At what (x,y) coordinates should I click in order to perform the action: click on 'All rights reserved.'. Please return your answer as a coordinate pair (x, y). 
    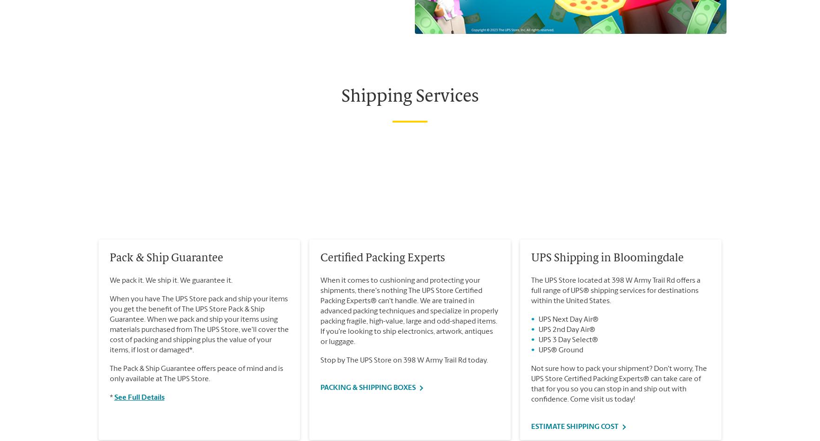
    Looking at the image, I should click on (271, 42).